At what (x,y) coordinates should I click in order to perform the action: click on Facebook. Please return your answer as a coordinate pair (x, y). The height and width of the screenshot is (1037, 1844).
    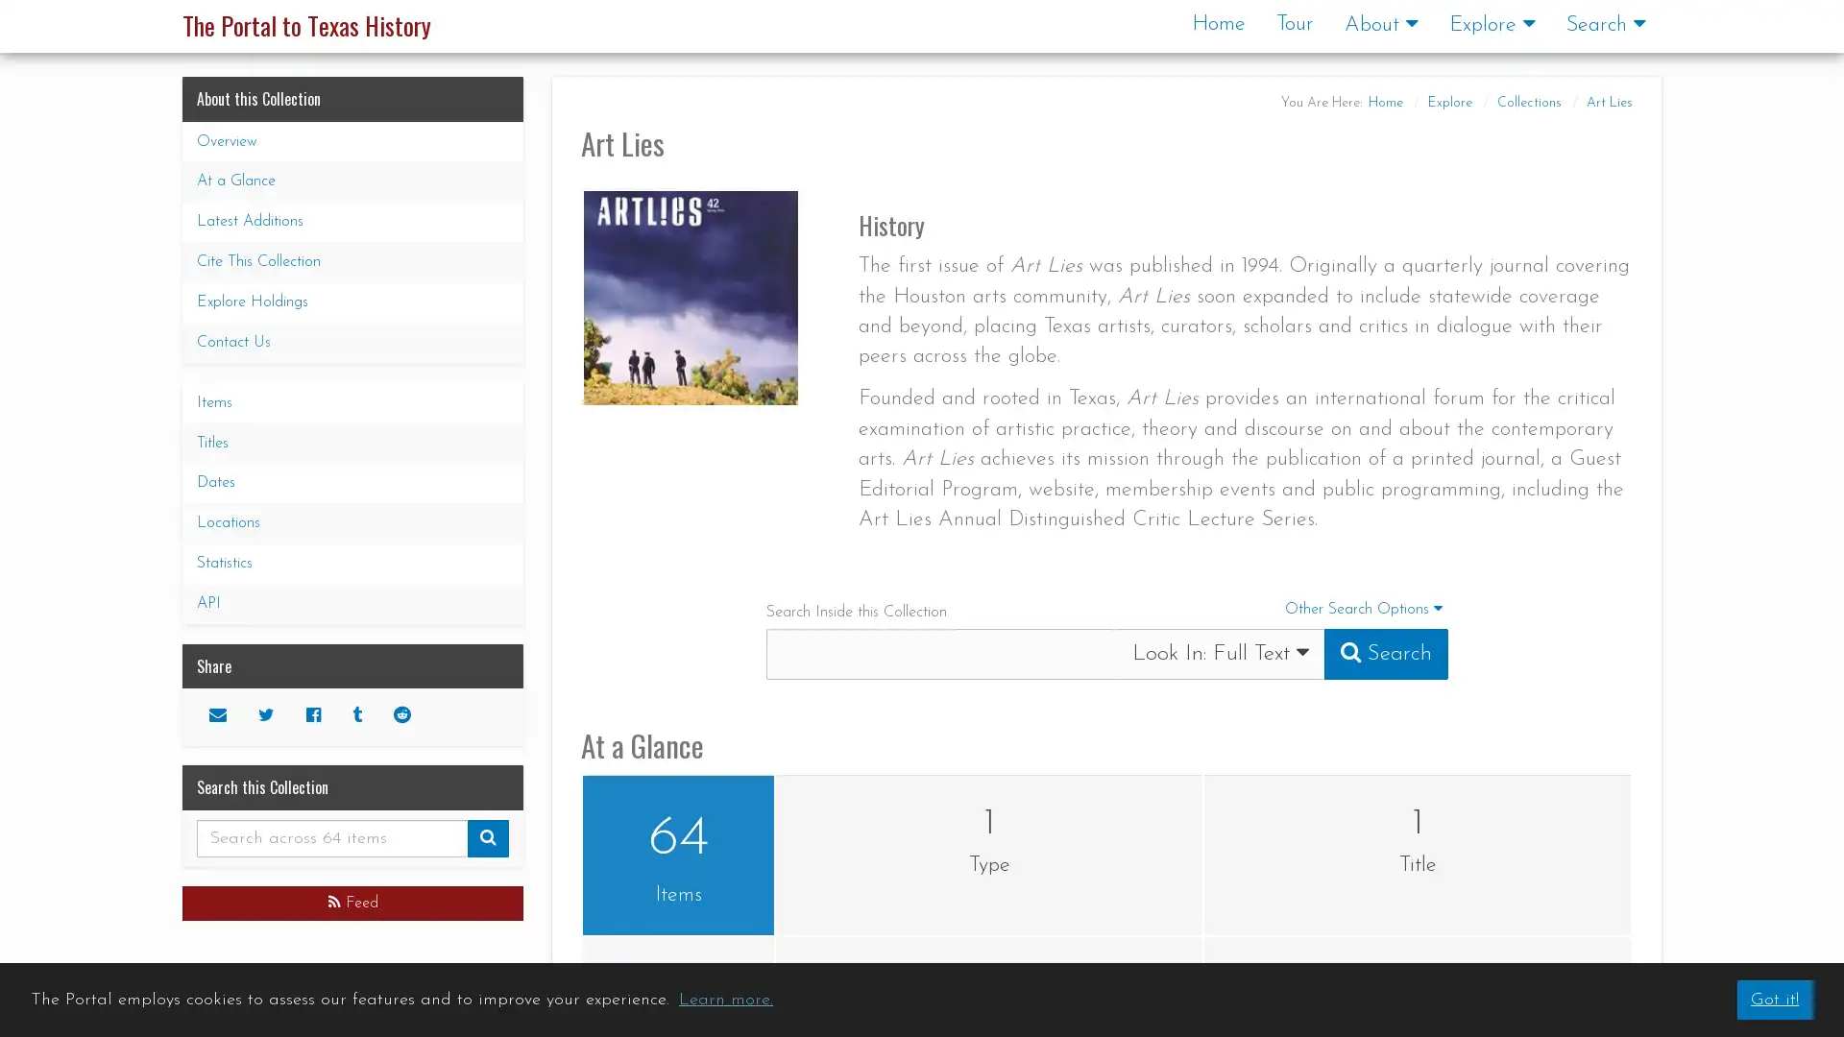
    Looking at the image, I should click on (313, 717).